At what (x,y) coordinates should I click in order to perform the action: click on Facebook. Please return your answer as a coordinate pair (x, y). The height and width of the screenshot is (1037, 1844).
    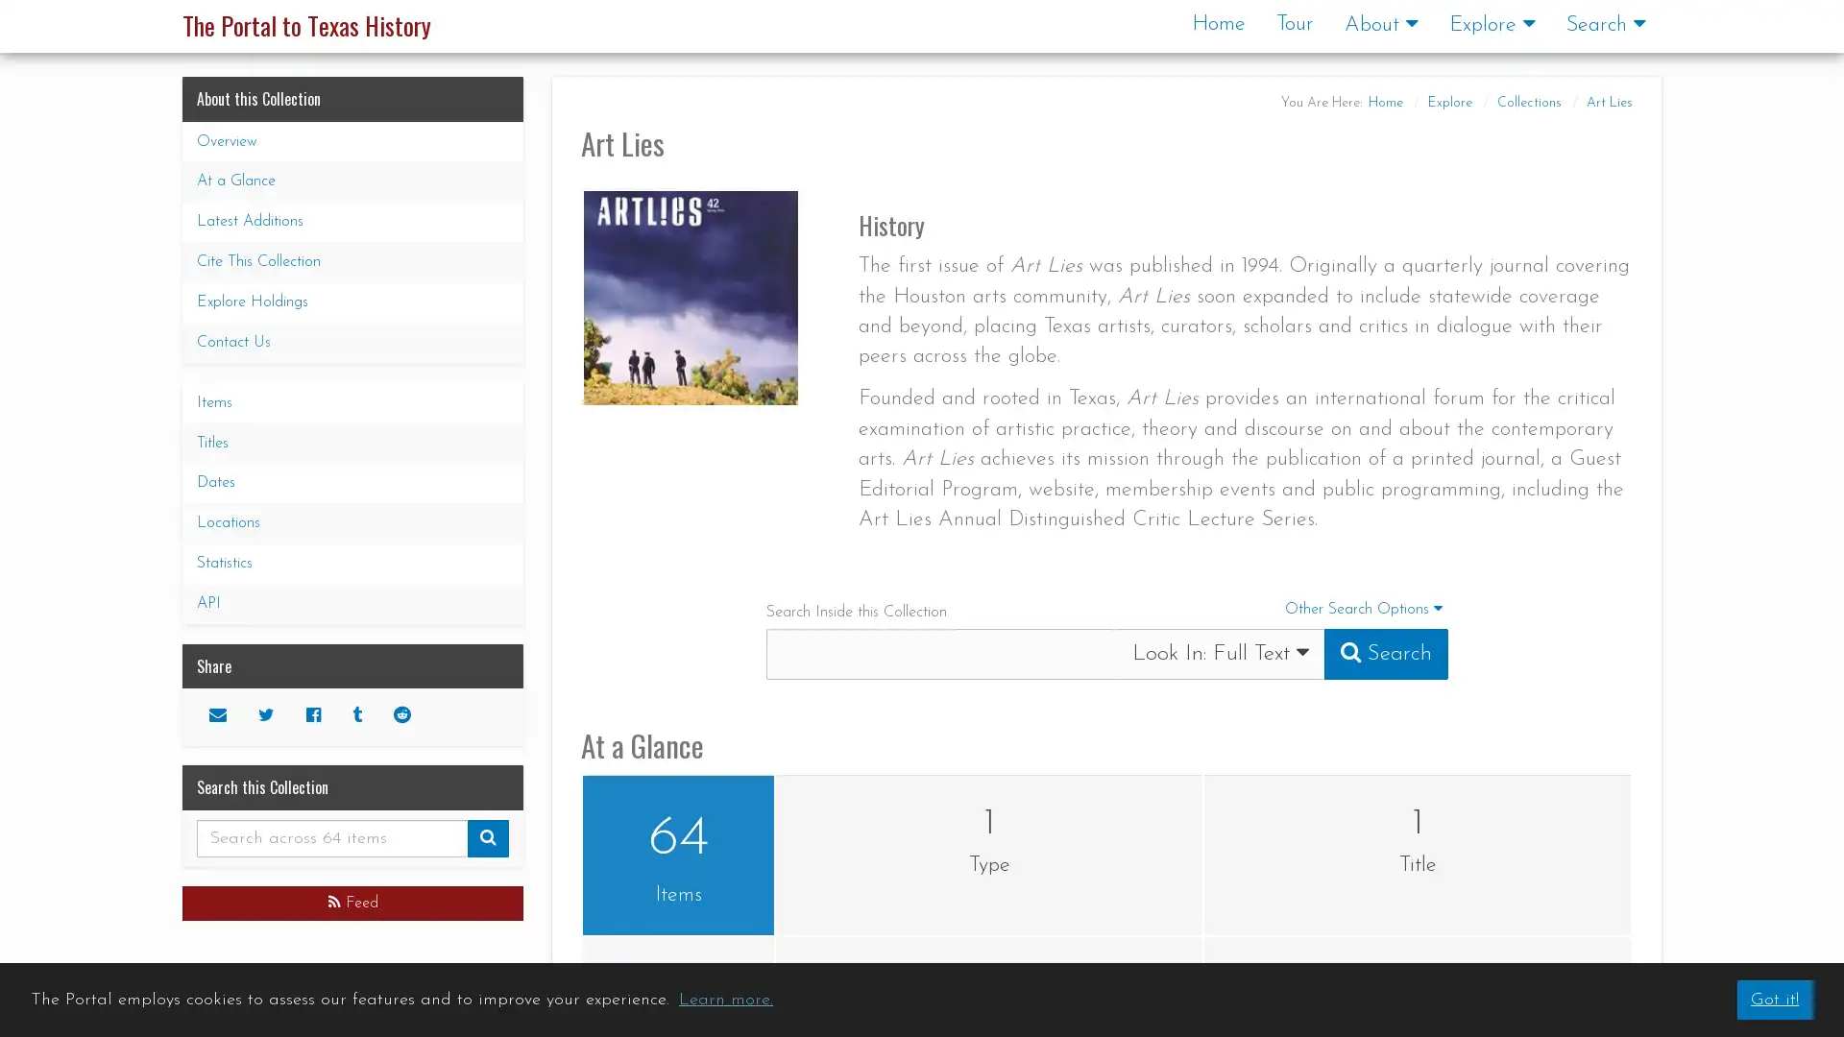
    Looking at the image, I should click on (313, 717).